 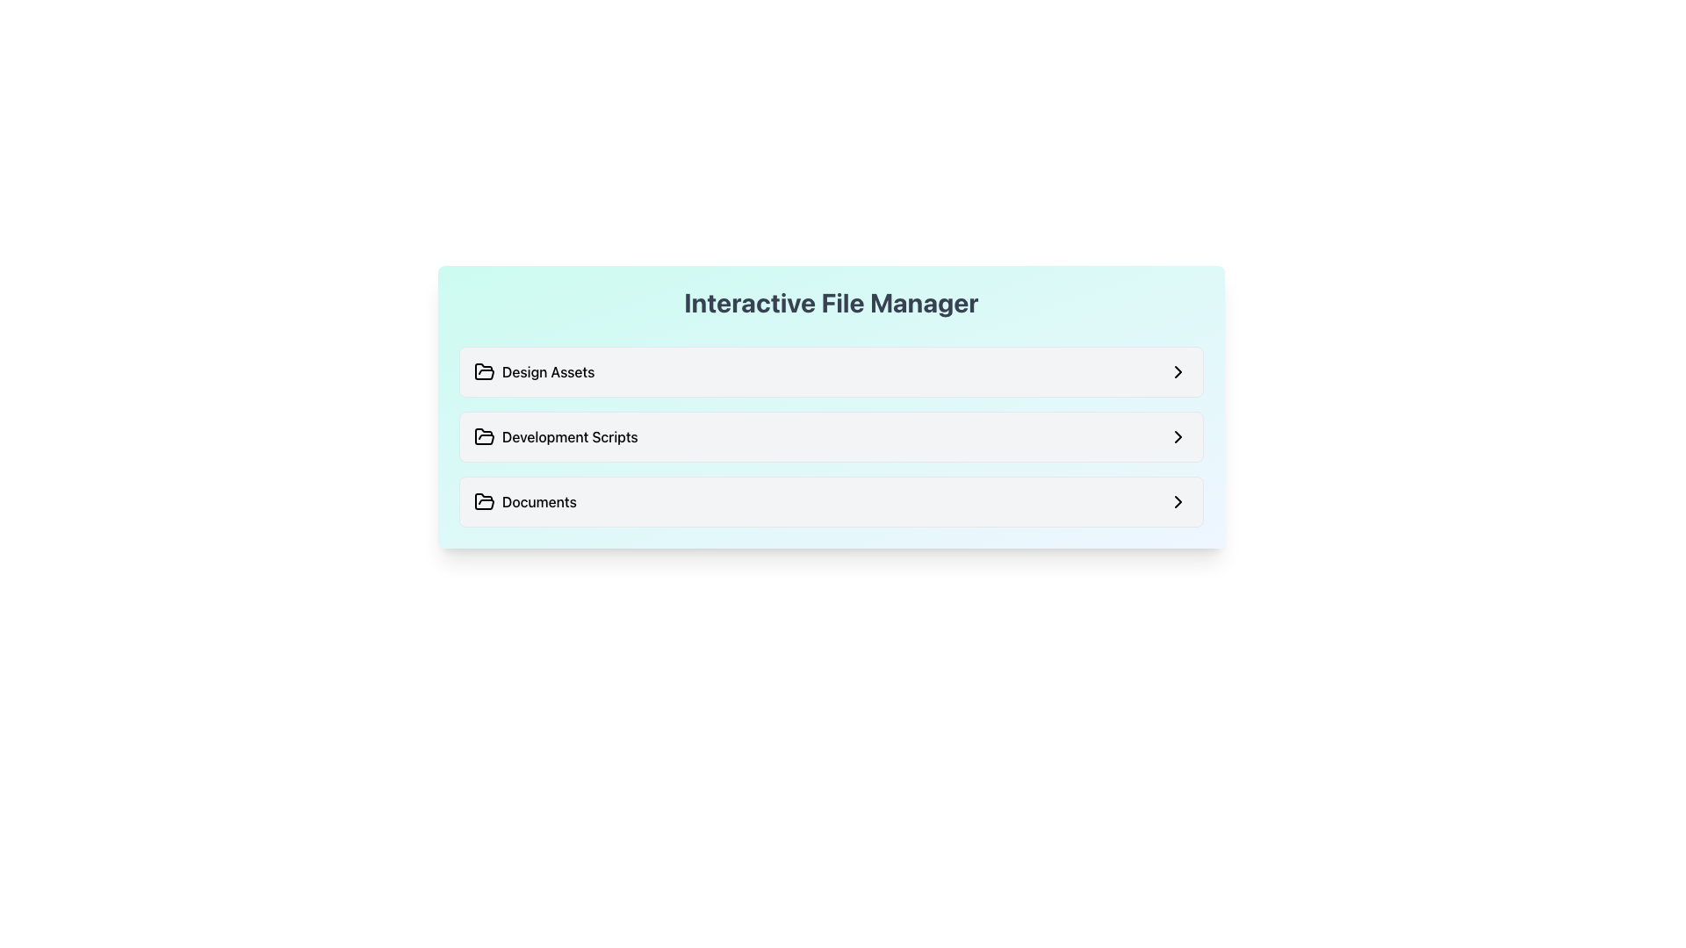 I want to click on the rightward-pointing chevron icon within the 'Documents' item at the bottom of the vertical list, so click(x=1178, y=501).